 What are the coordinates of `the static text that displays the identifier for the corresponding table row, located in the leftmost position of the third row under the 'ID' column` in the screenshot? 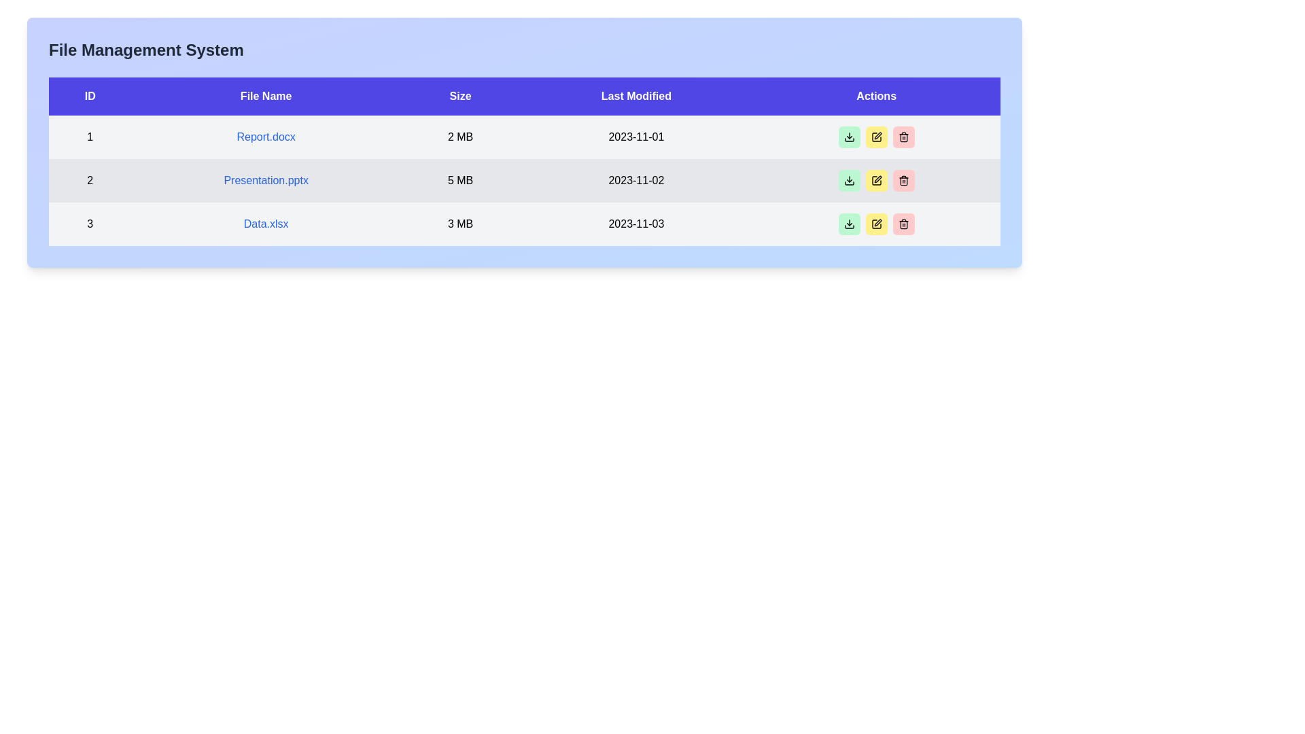 It's located at (89, 224).